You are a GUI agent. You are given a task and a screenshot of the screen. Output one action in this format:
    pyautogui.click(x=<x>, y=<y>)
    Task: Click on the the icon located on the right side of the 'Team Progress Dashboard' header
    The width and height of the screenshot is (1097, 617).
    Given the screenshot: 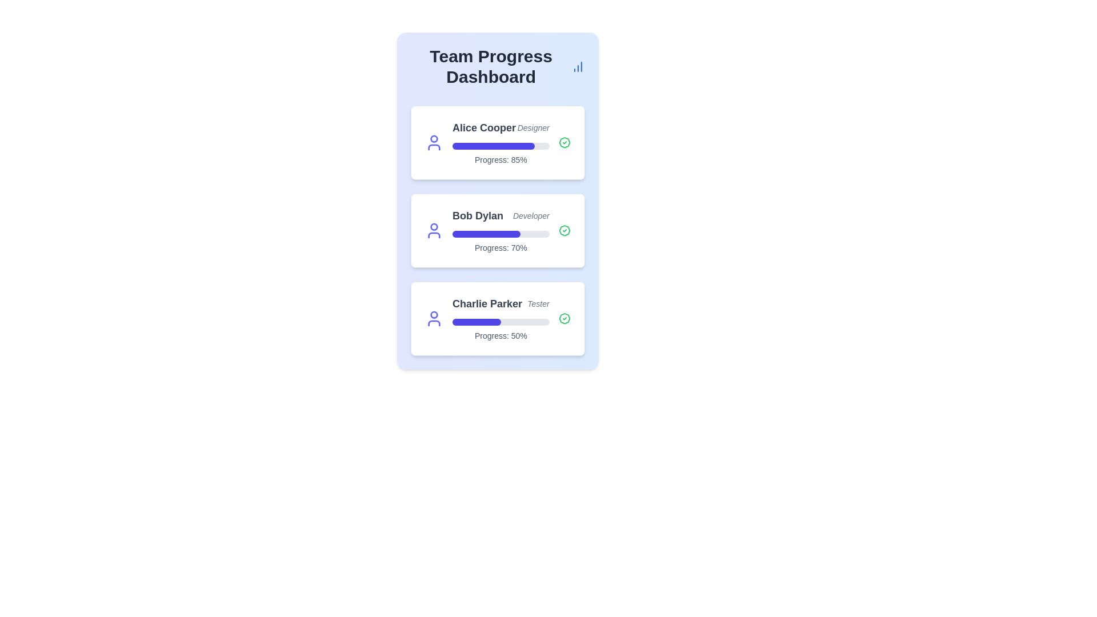 What is the action you would take?
    pyautogui.click(x=578, y=66)
    